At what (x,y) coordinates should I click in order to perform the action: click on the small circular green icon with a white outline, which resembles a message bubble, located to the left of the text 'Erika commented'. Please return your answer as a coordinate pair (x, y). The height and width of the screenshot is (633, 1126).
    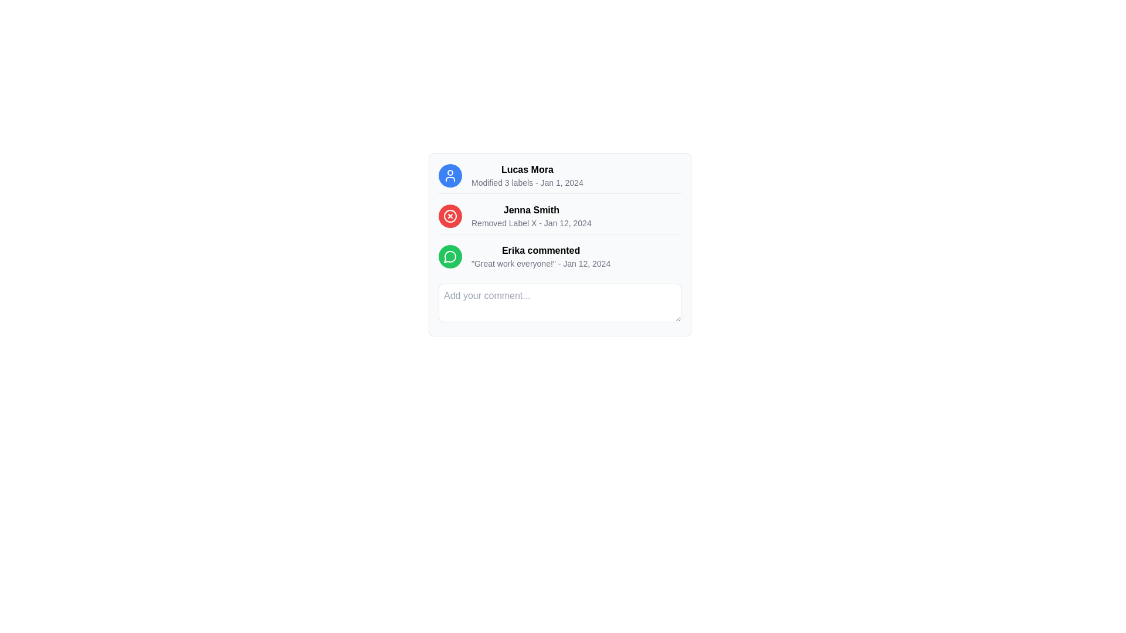
    Looking at the image, I should click on (450, 256).